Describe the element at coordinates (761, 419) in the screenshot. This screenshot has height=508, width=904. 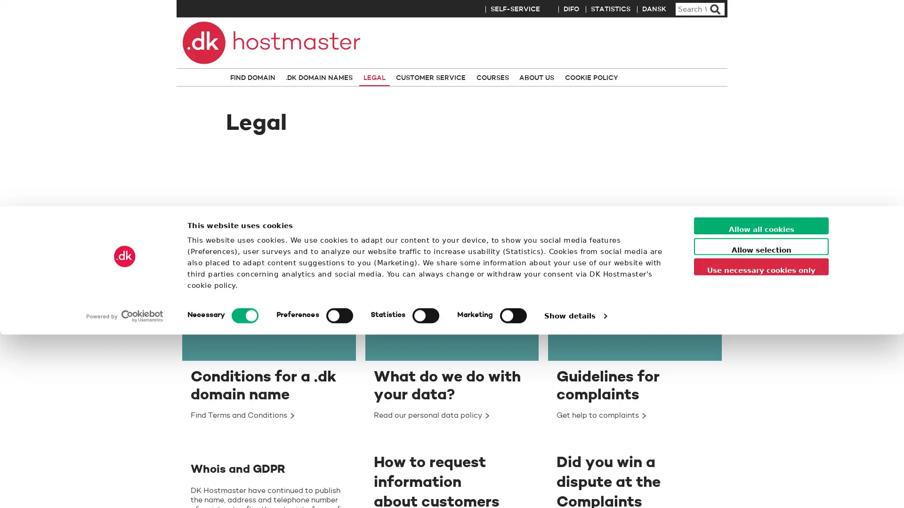
I see `Allow selection` at that location.